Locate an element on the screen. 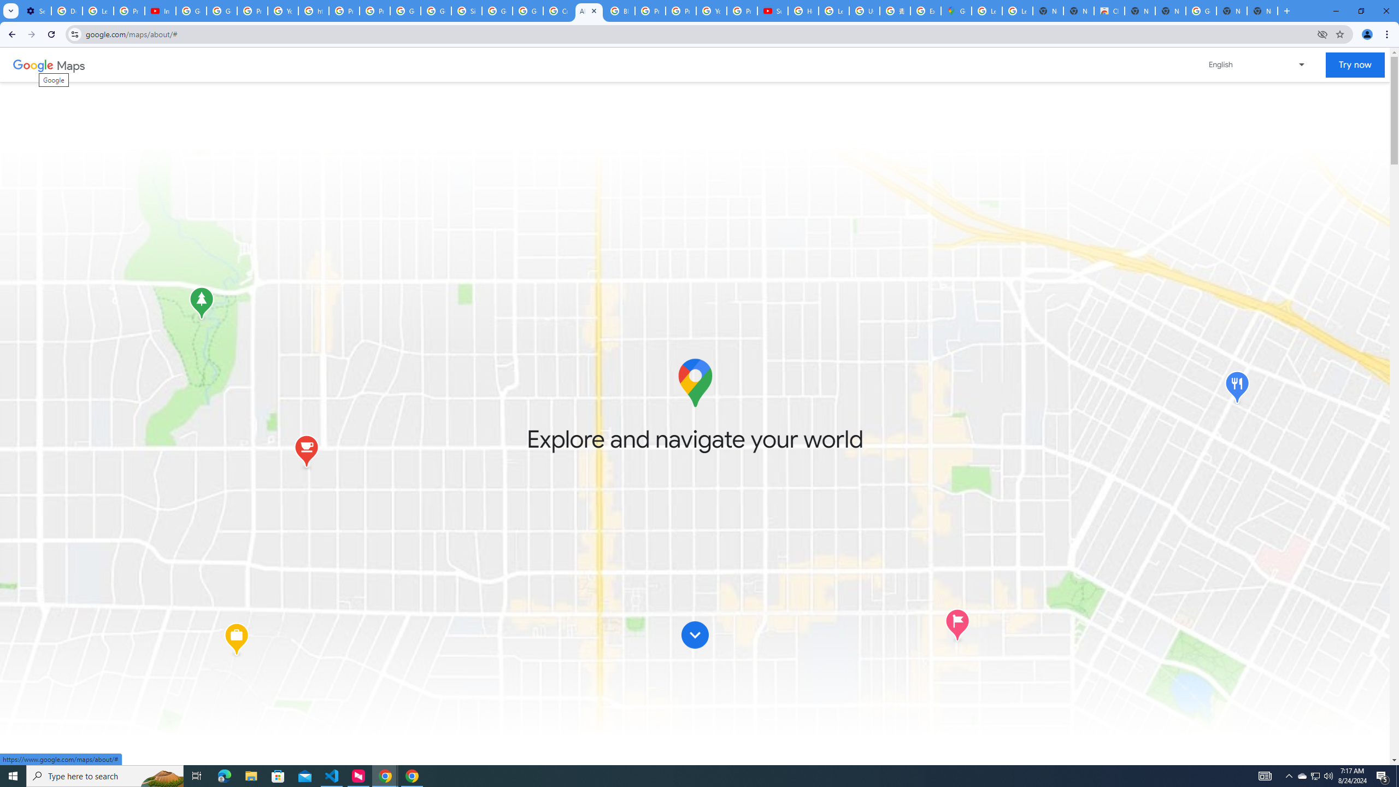  'New Tab' is located at coordinates (1262, 10).